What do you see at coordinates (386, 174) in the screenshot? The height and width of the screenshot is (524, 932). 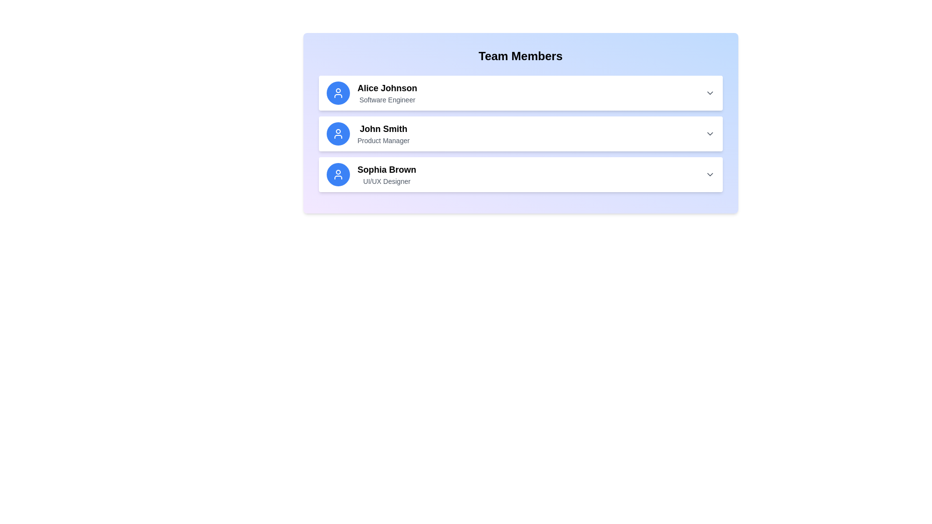 I see `the text block element displaying 'Sophia Brown' which is the third item in the team members list, featuring a bold name and a smaller gray title below` at bounding box center [386, 174].